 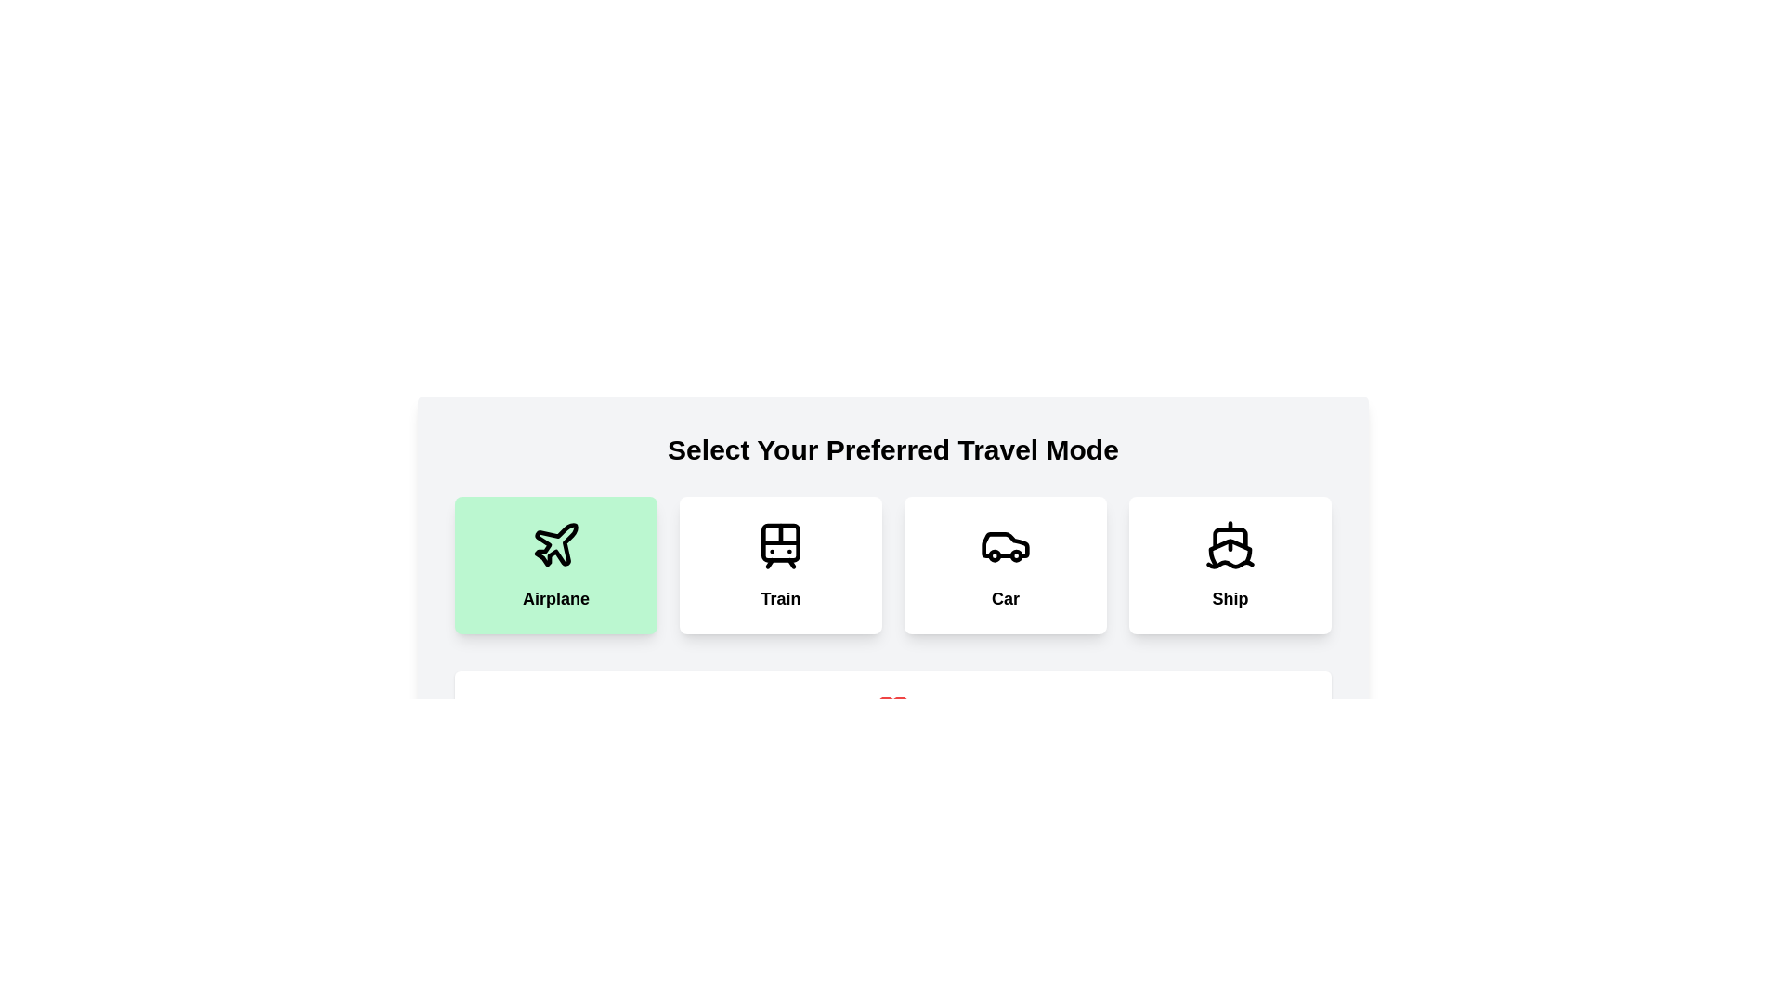 What do you see at coordinates (780, 541) in the screenshot?
I see `the top window section of the tram icon, which is visually represented as a rectangle and corresponds to the 'Train' option in the travel modes` at bounding box center [780, 541].